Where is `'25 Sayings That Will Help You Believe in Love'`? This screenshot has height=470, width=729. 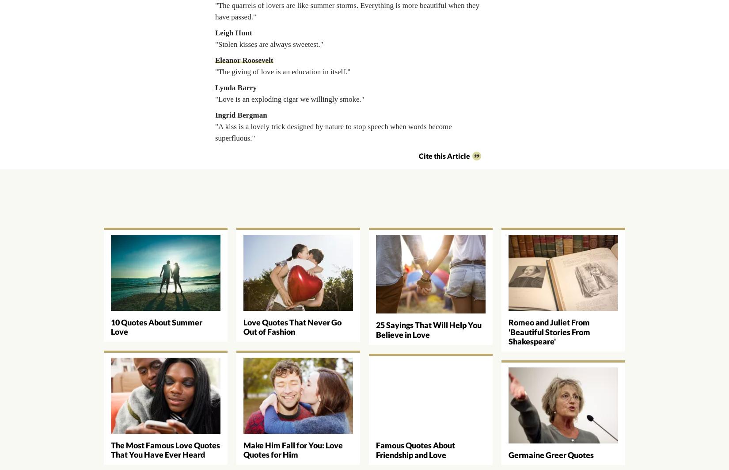
'25 Sayings That Will Help You Believe in Love' is located at coordinates (429, 329).